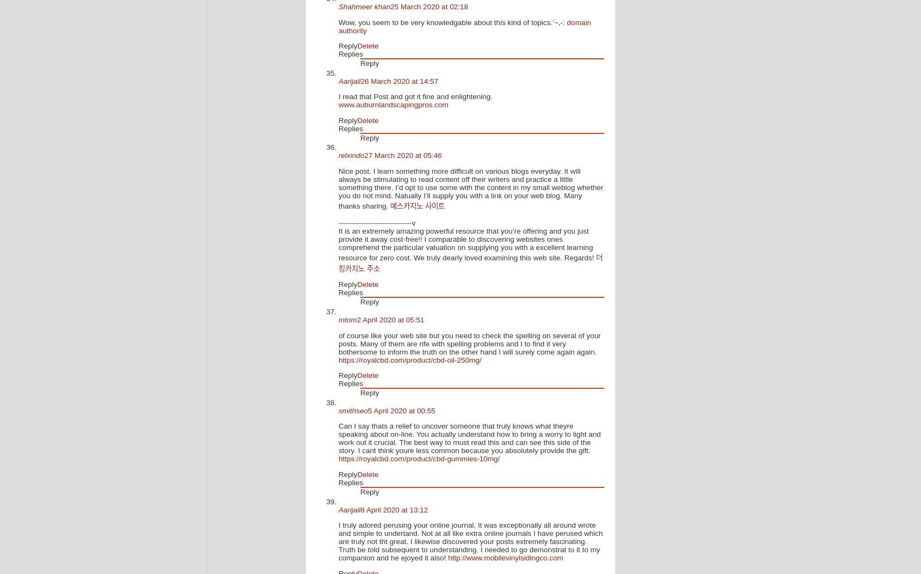 This screenshot has width=921, height=574. I want to click on 'Shahmeer khan', so click(337, 7).